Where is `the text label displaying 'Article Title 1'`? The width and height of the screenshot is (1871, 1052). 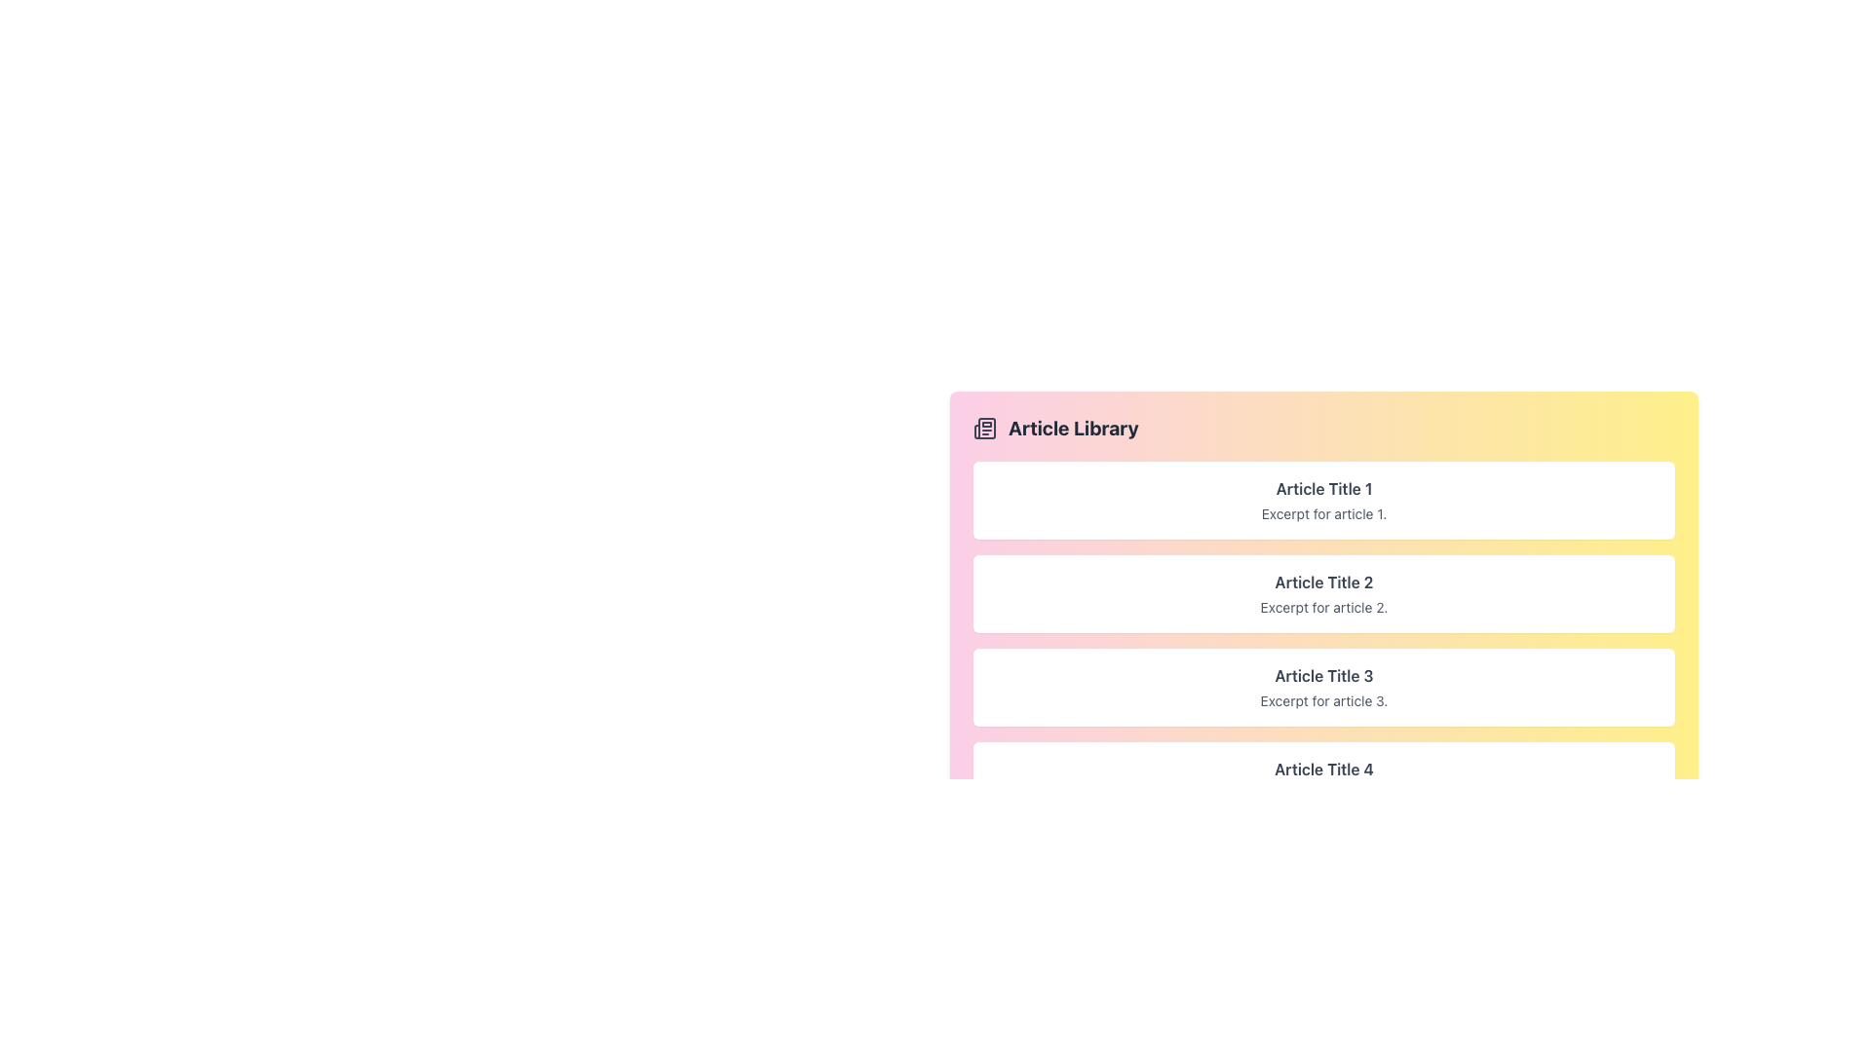
the text label displaying 'Article Title 1' is located at coordinates (1323, 487).